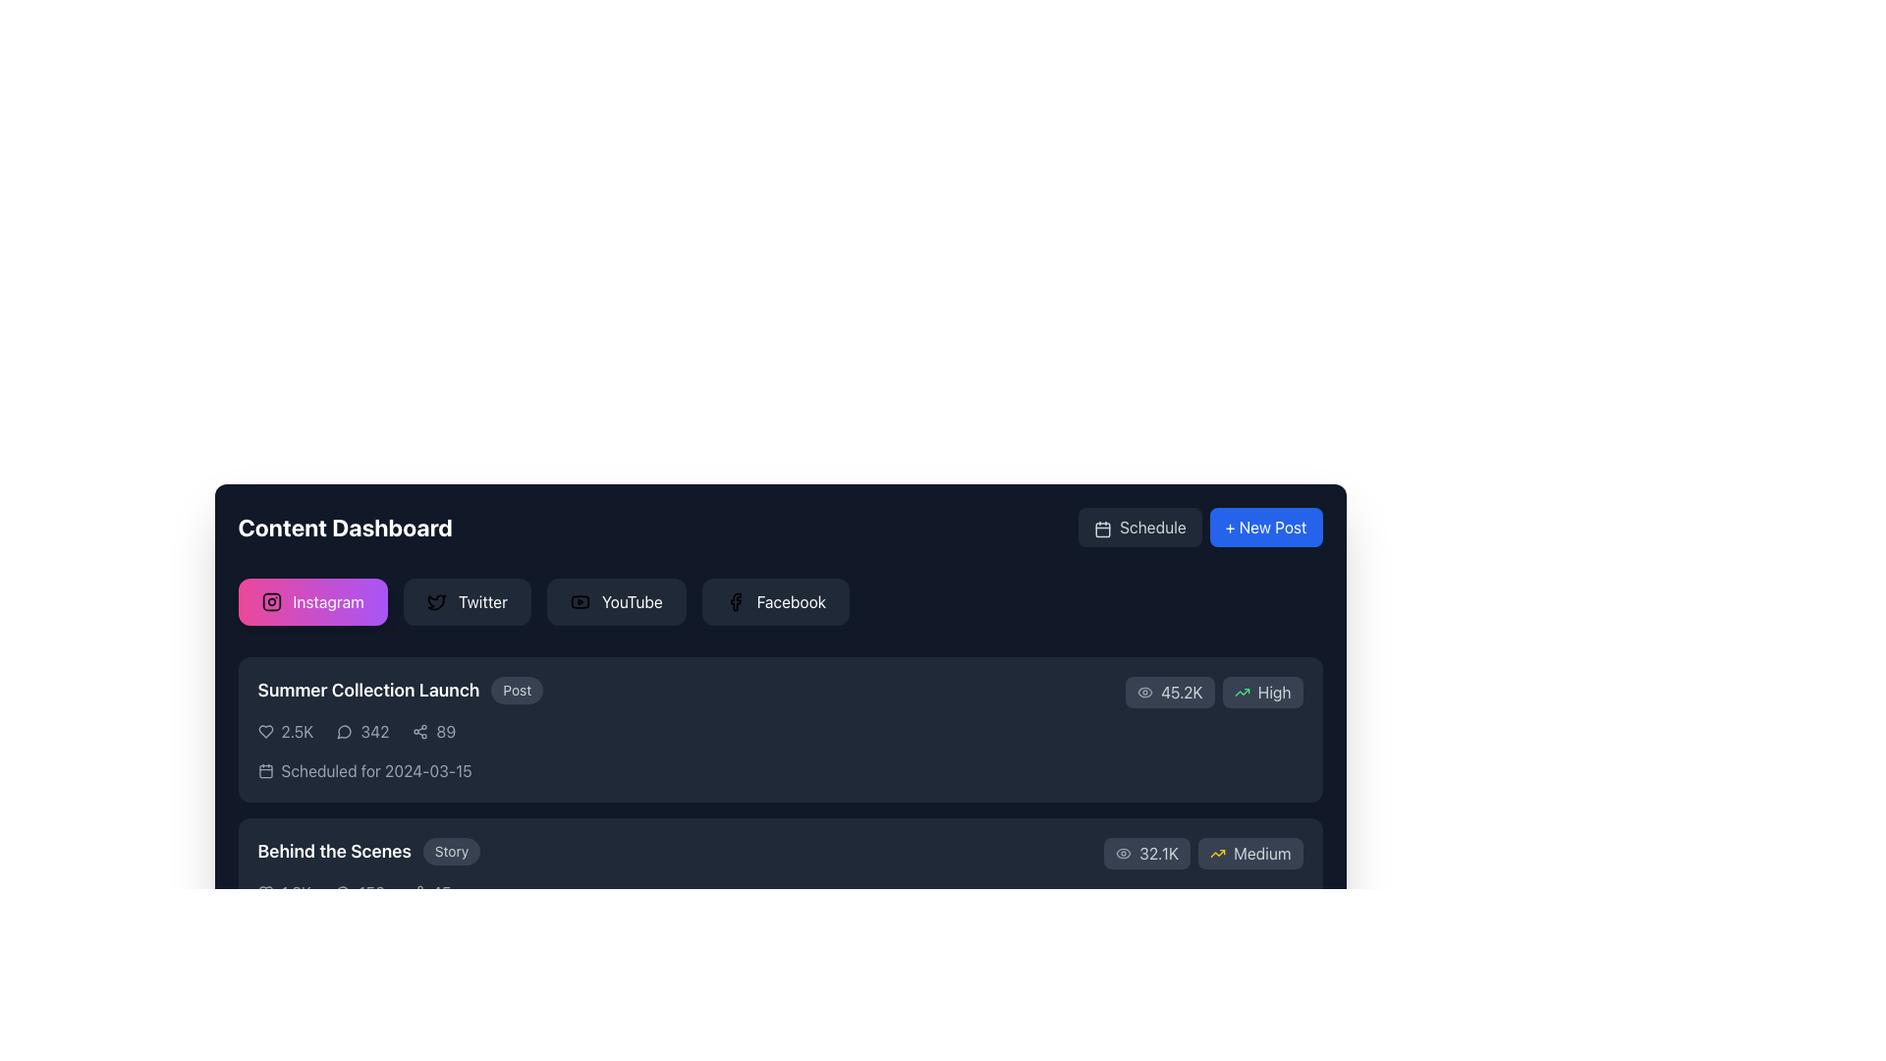  Describe the element at coordinates (419, 731) in the screenshot. I see `the social sharing icon, which is a triangular shape with three connected nodes, located between the comment count and the numeric text '89'` at that location.